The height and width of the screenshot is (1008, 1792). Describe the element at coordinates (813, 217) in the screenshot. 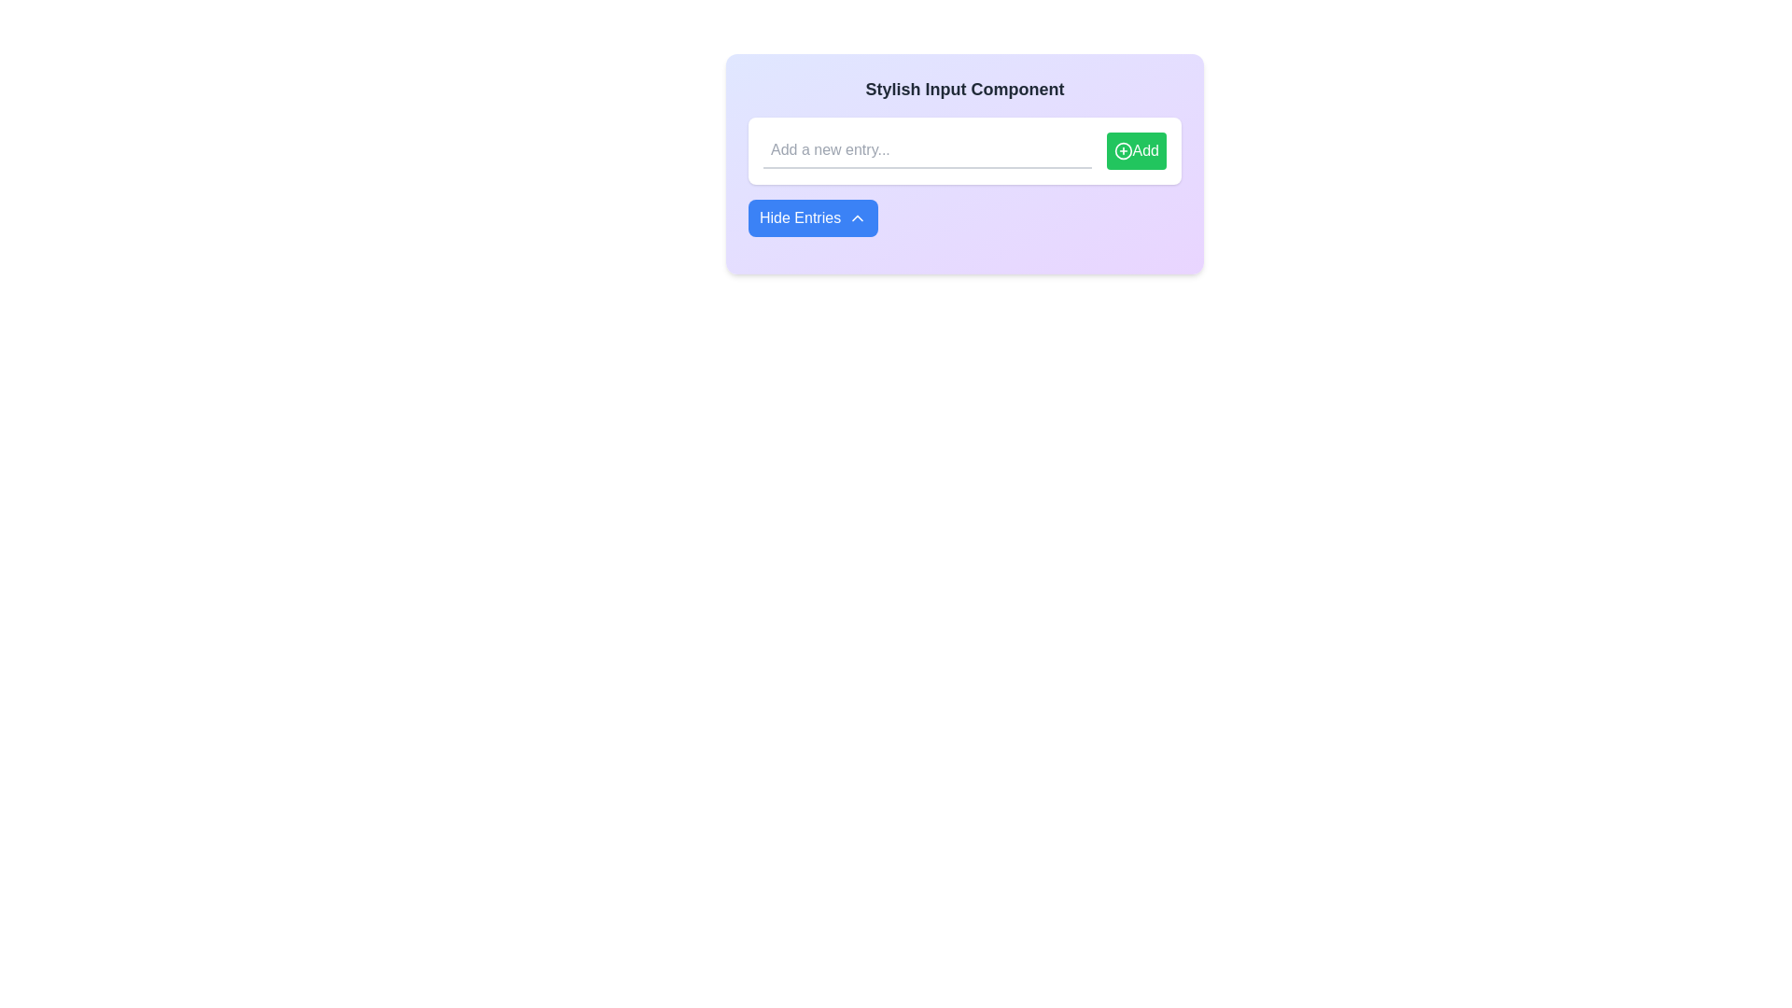

I see `the rectangular button with rounded corners that has a blue background and white text reading 'Hide Entries'` at that location.